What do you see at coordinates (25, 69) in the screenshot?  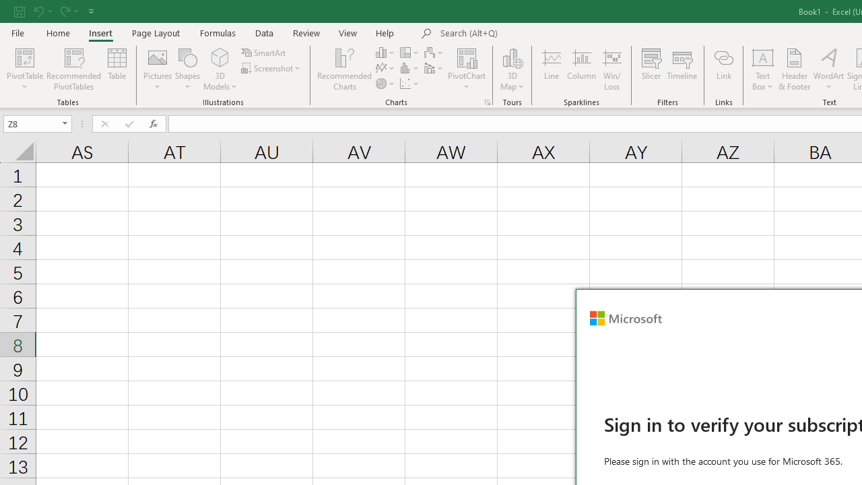 I see `'PivotTable'` at bounding box center [25, 69].